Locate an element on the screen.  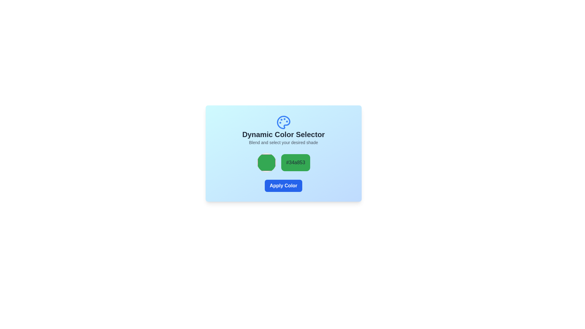
the green rectangular text-display element containing the text '#34a853', located in the 'Dynamic Color Selector' section above the 'Apply Color' button is located at coordinates (283, 162).